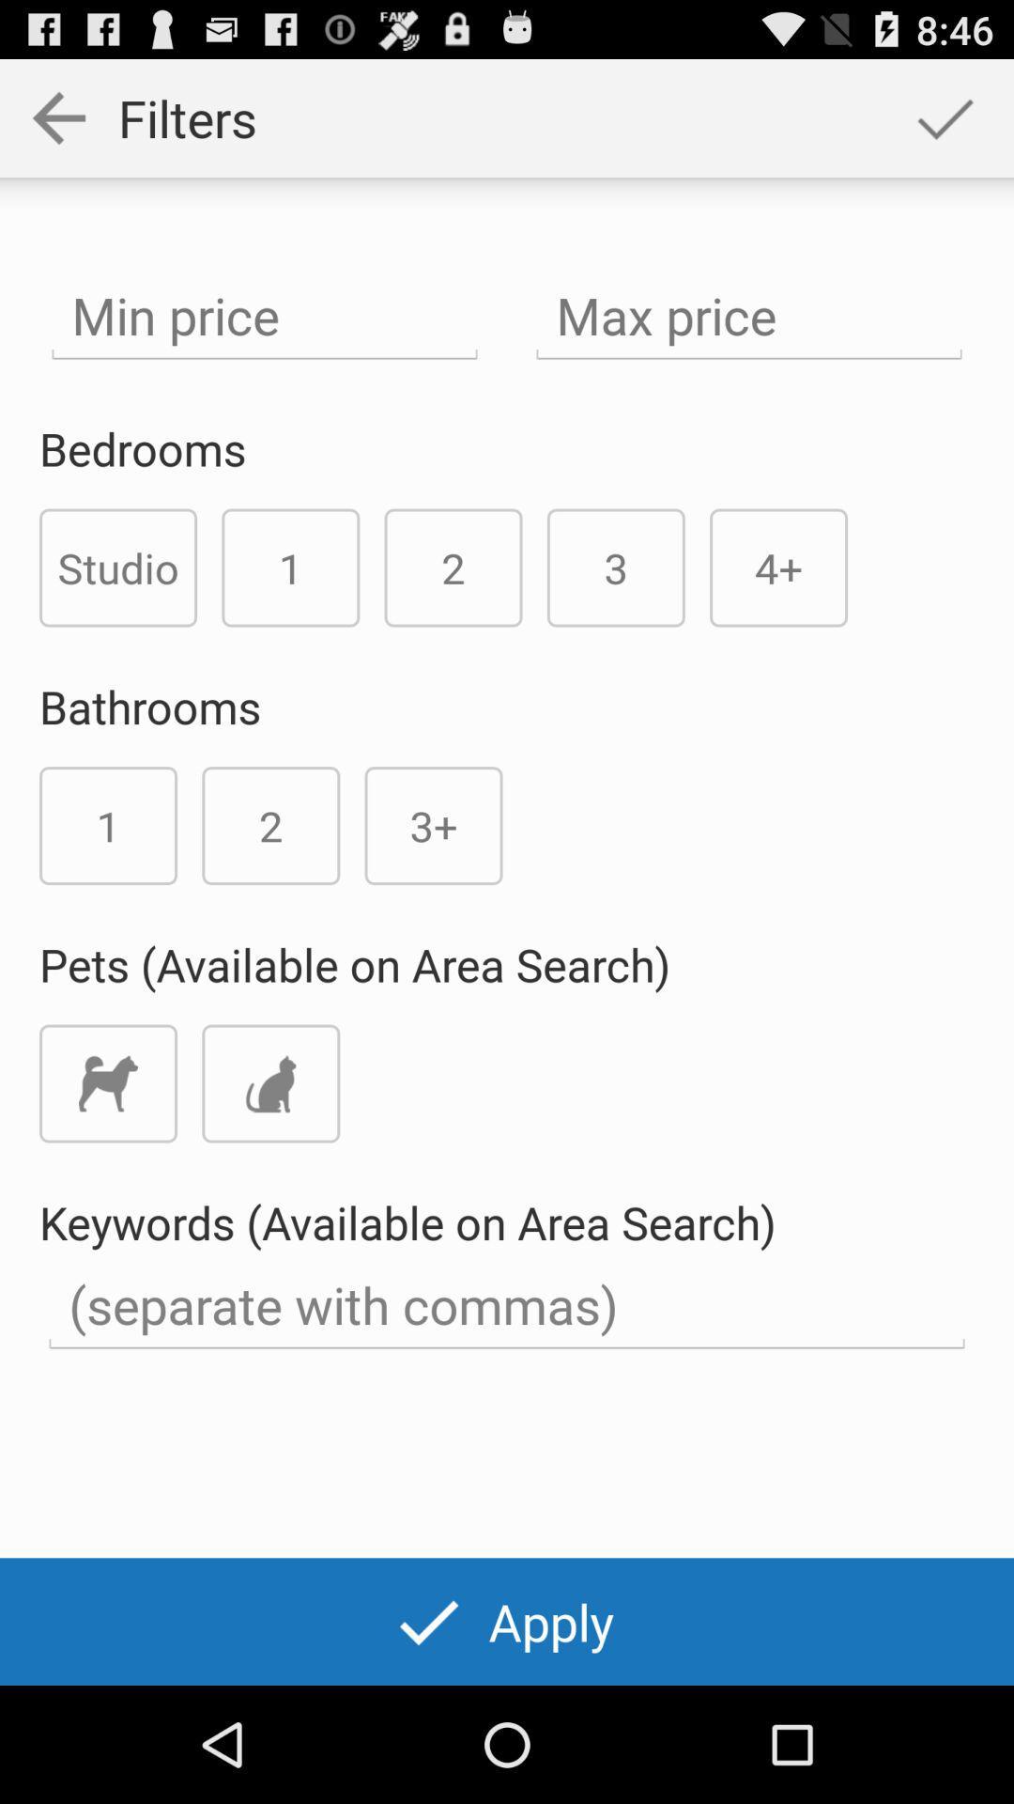  I want to click on the 4+ icon, so click(778, 567).